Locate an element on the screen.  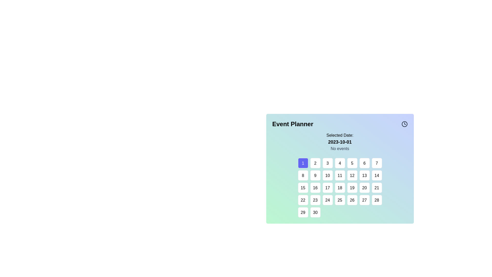
the button representing the 27th day in the calendar view is located at coordinates (364, 200).